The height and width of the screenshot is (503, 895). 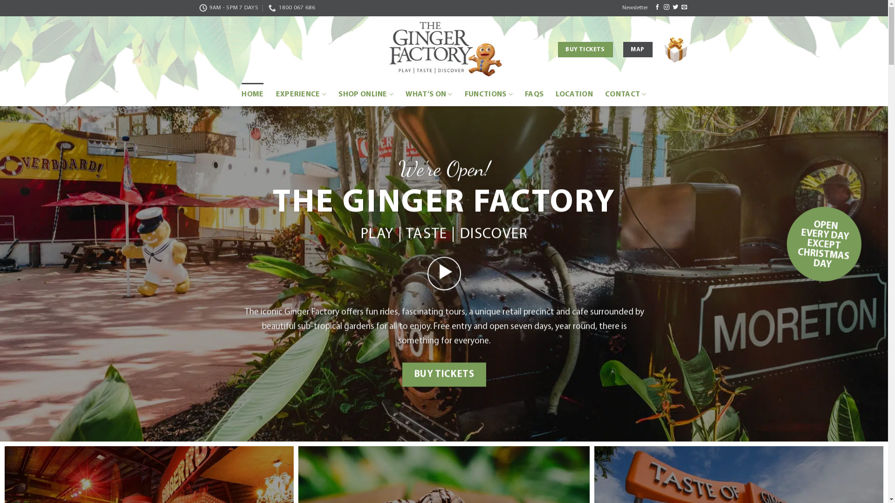 What do you see at coordinates (675, 7) in the screenshot?
I see `'Follow on Twitter'` at bounding box center [675, 7].